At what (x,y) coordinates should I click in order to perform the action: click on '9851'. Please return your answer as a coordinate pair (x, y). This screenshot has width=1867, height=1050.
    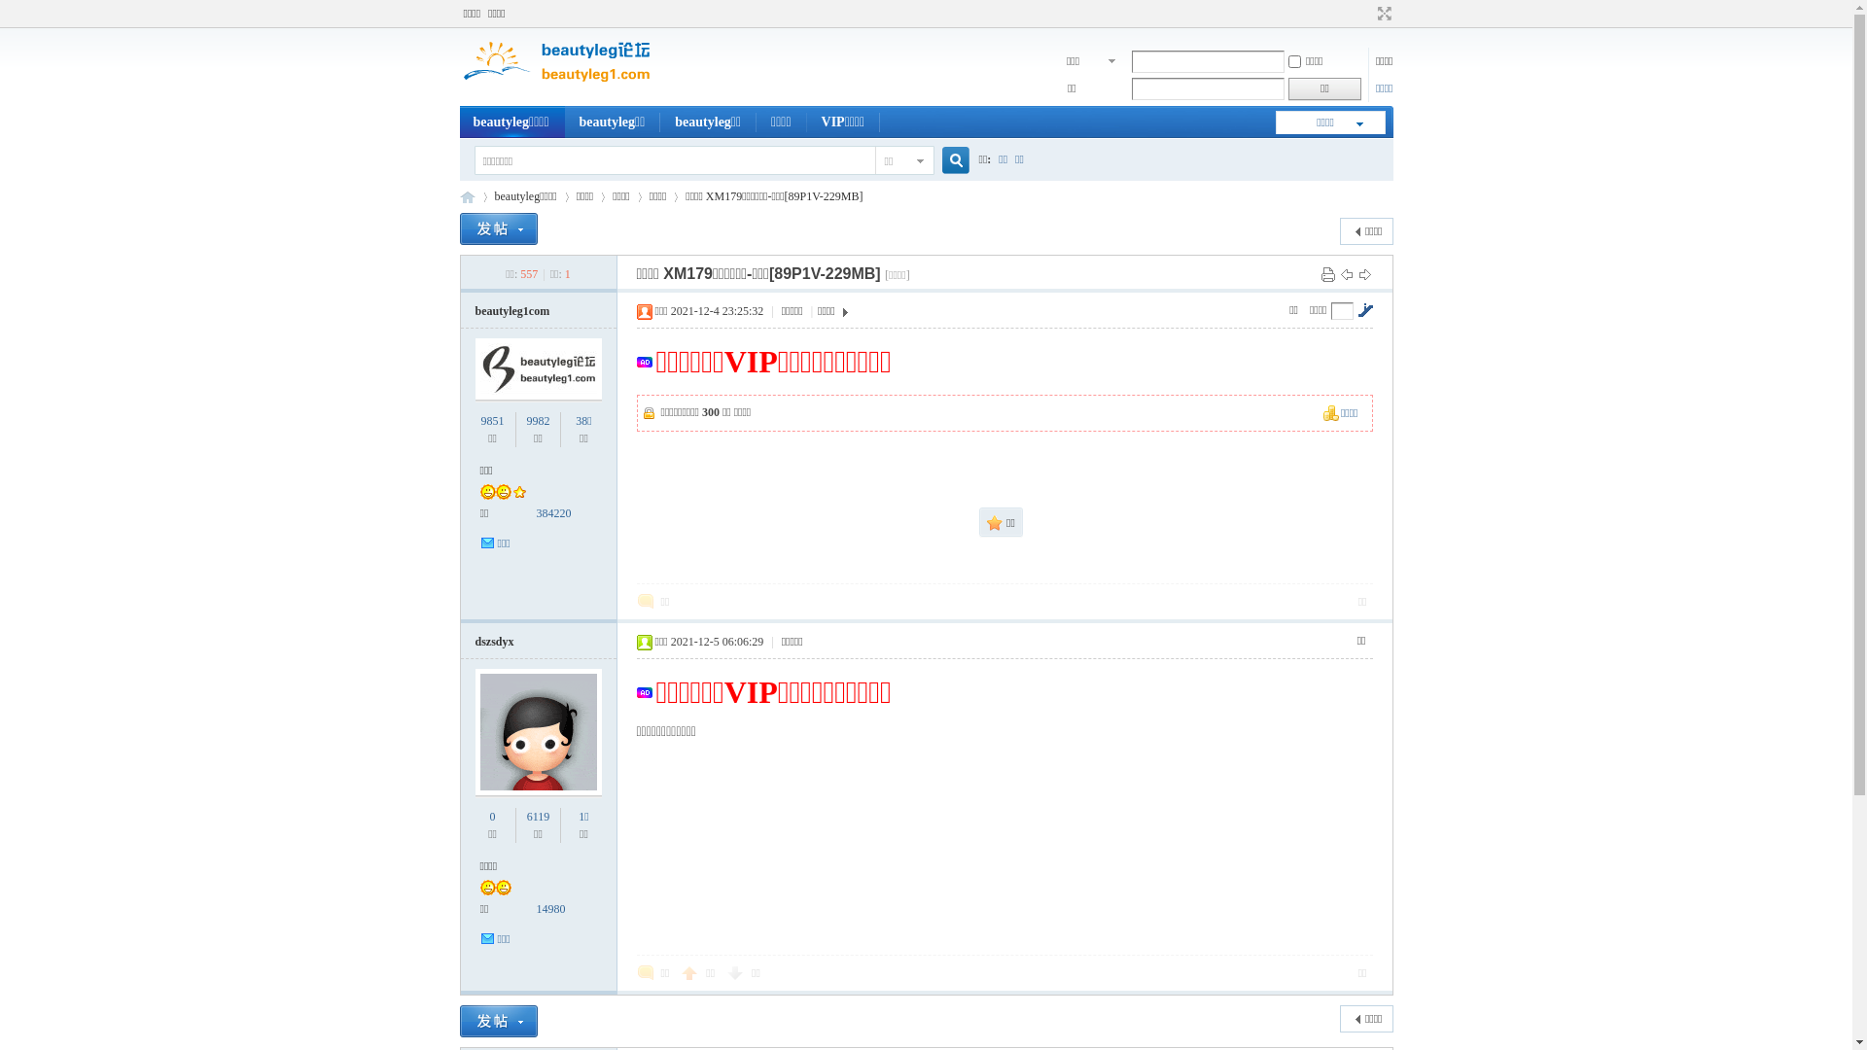
    Looking at the image, I should click on (480, 419).